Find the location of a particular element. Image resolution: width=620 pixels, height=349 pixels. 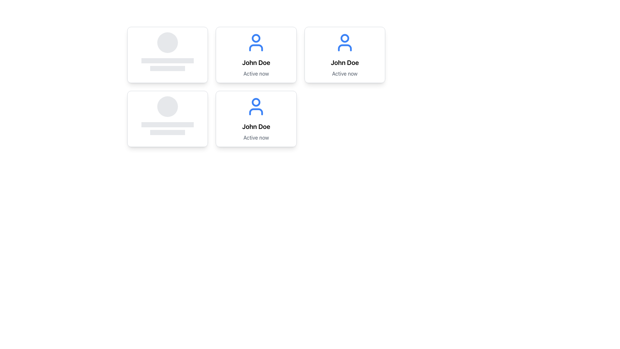

the blue circular user icon is located at coordinates (256, 106).